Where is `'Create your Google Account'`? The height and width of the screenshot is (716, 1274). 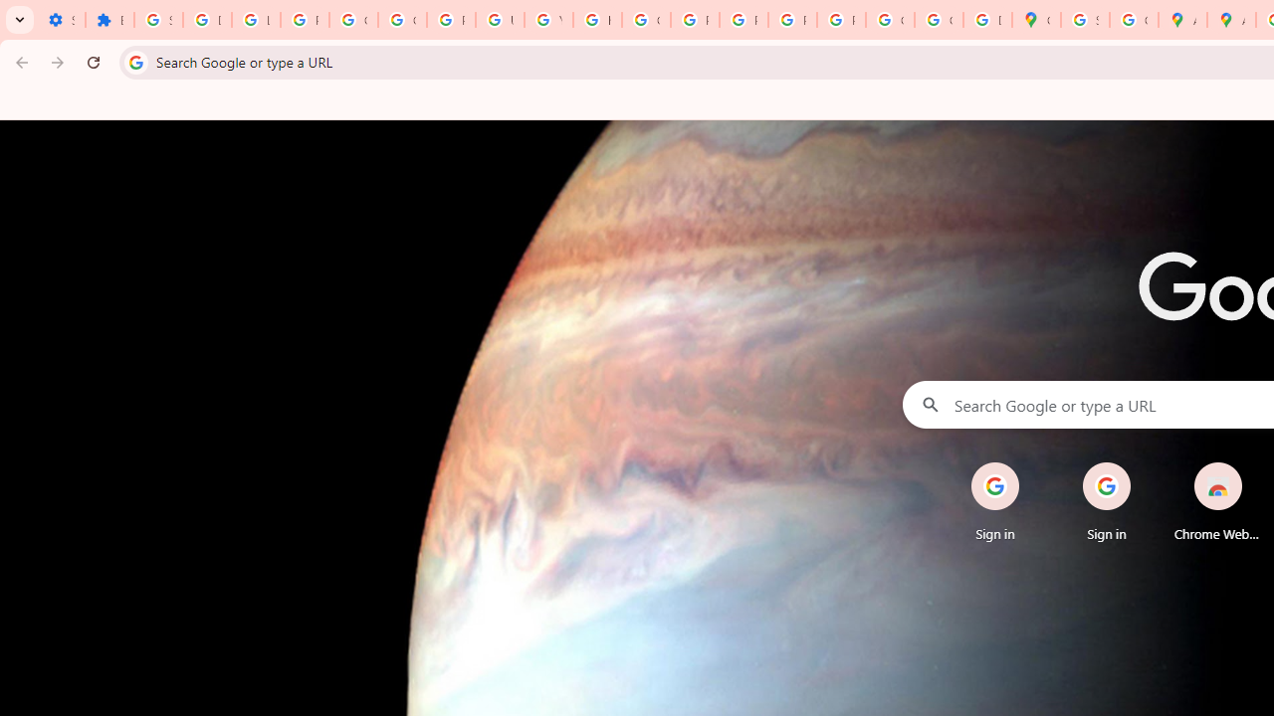
'Create your Google Account' is located at coordinates (1134, 20).